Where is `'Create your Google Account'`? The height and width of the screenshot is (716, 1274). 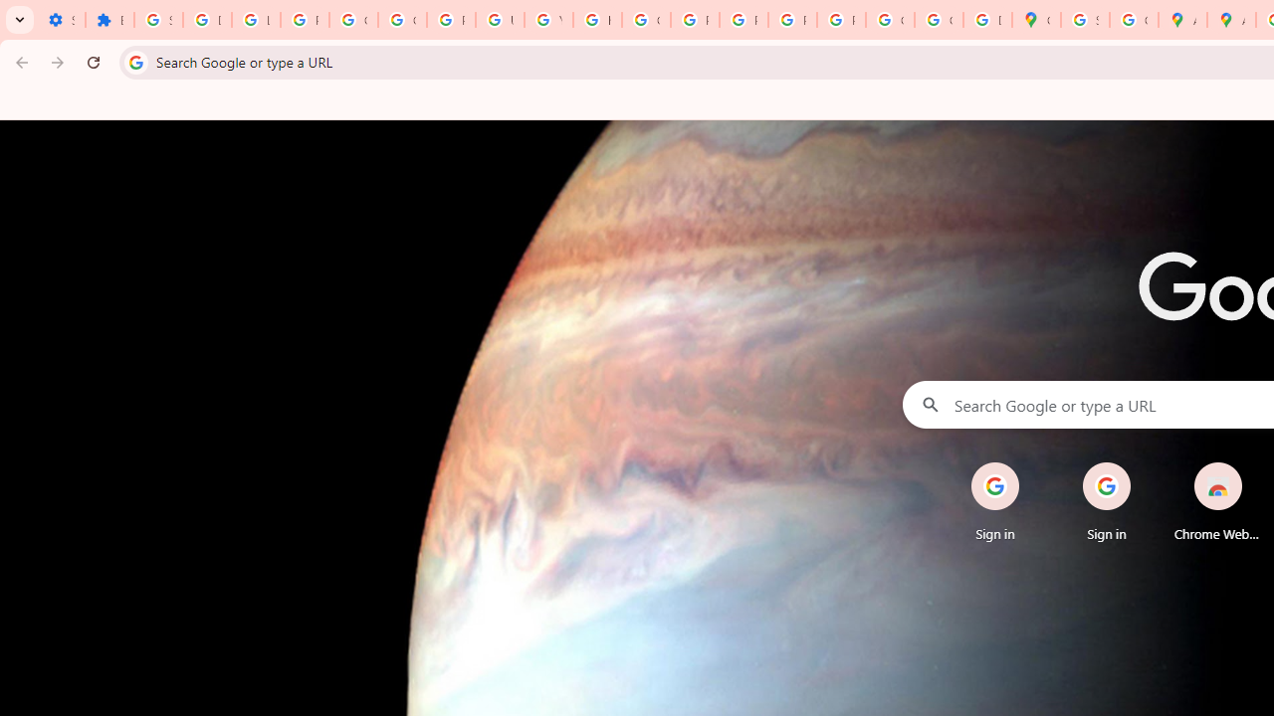
'Create your Google Account' is located at coordinates (1134, 20).